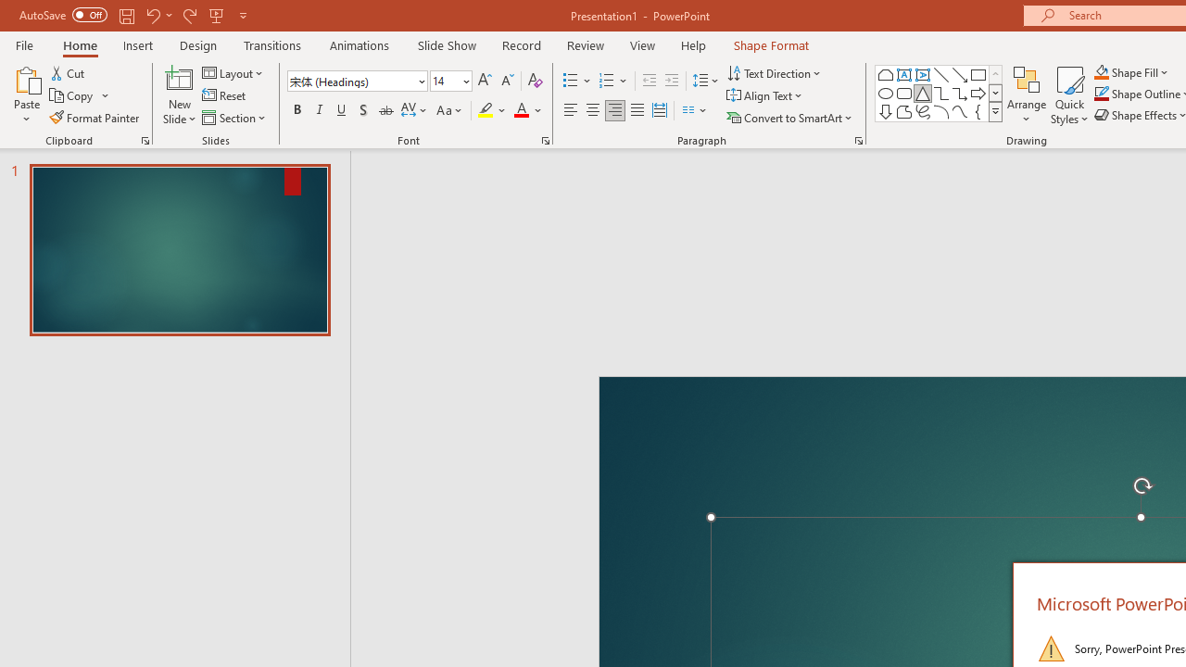 The height and width of the screenshot is (667, 1186). Describe the element at coordinates (1102, 94) in the screenshot. I see `'Shape Outline Blue, Accent 1'` at that location.